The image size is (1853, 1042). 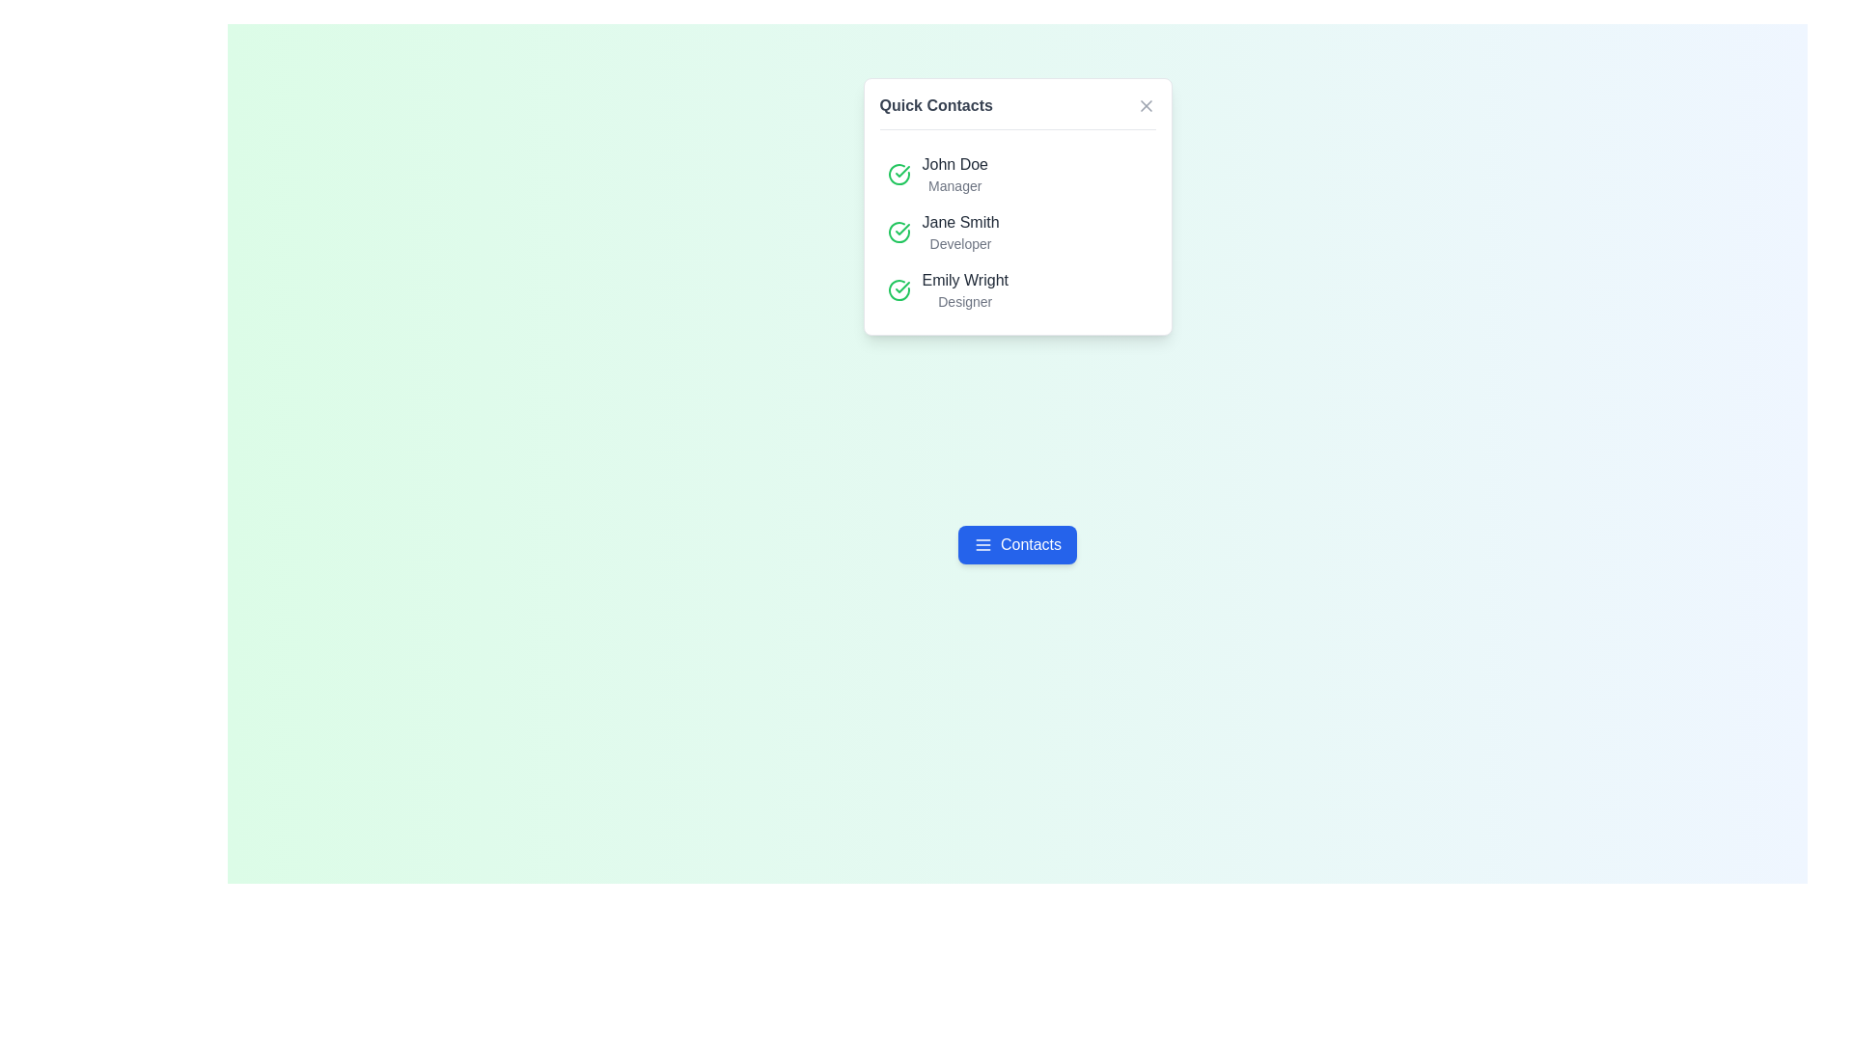 I want to click on the second list item, so click(x=1016, y=231).